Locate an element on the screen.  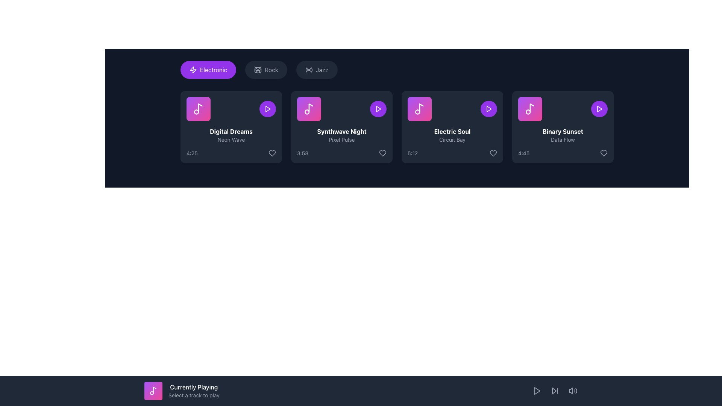
the music note icon located in the 'Currently Playing' section of the interface, which is styled with a thin, rounded stroke and fits within a square is located at coordinates (154, 389).